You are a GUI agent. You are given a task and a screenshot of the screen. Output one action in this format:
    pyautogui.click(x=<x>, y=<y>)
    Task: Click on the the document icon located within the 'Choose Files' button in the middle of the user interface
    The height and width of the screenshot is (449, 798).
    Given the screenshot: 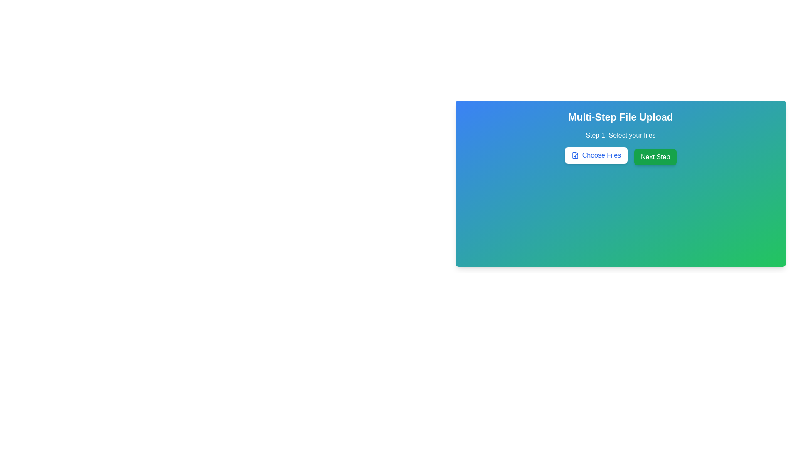 What is the action you would take?
    pyautogui.click(x=574, y=155)
    